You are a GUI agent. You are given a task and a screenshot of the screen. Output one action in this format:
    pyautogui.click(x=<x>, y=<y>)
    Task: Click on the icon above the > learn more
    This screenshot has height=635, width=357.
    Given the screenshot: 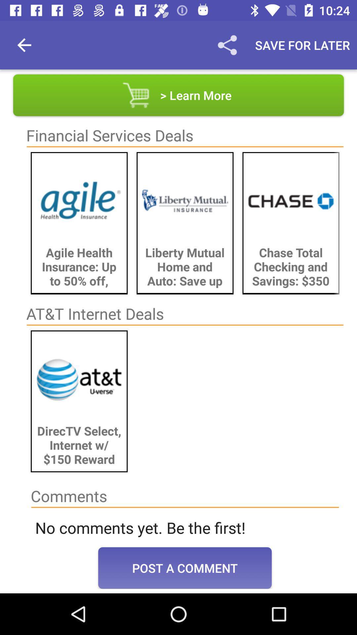 What is the action you would take?
    pyautogui.click(x=302, y=45)
    